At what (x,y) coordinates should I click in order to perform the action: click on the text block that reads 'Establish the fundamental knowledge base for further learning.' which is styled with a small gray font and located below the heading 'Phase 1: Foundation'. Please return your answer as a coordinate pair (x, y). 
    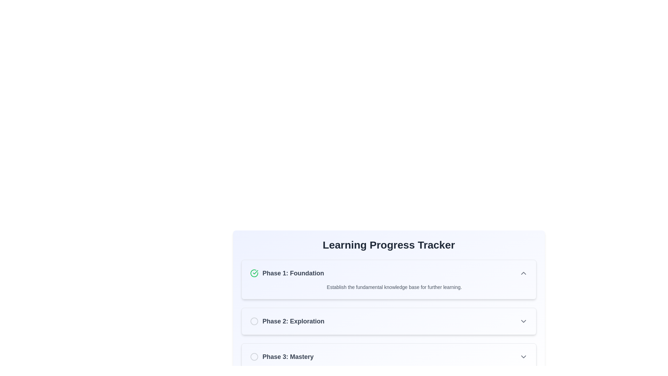
    Looking at the image, I should click on (388, 287).